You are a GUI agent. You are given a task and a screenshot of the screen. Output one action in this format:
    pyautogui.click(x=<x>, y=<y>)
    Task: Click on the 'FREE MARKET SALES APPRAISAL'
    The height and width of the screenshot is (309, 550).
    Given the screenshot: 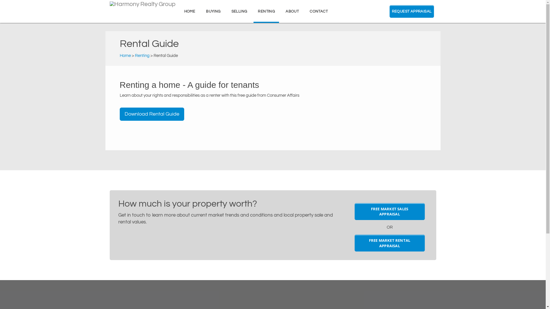 What is the action you would take?
    pyautogui.click(x=390, y=211)
    